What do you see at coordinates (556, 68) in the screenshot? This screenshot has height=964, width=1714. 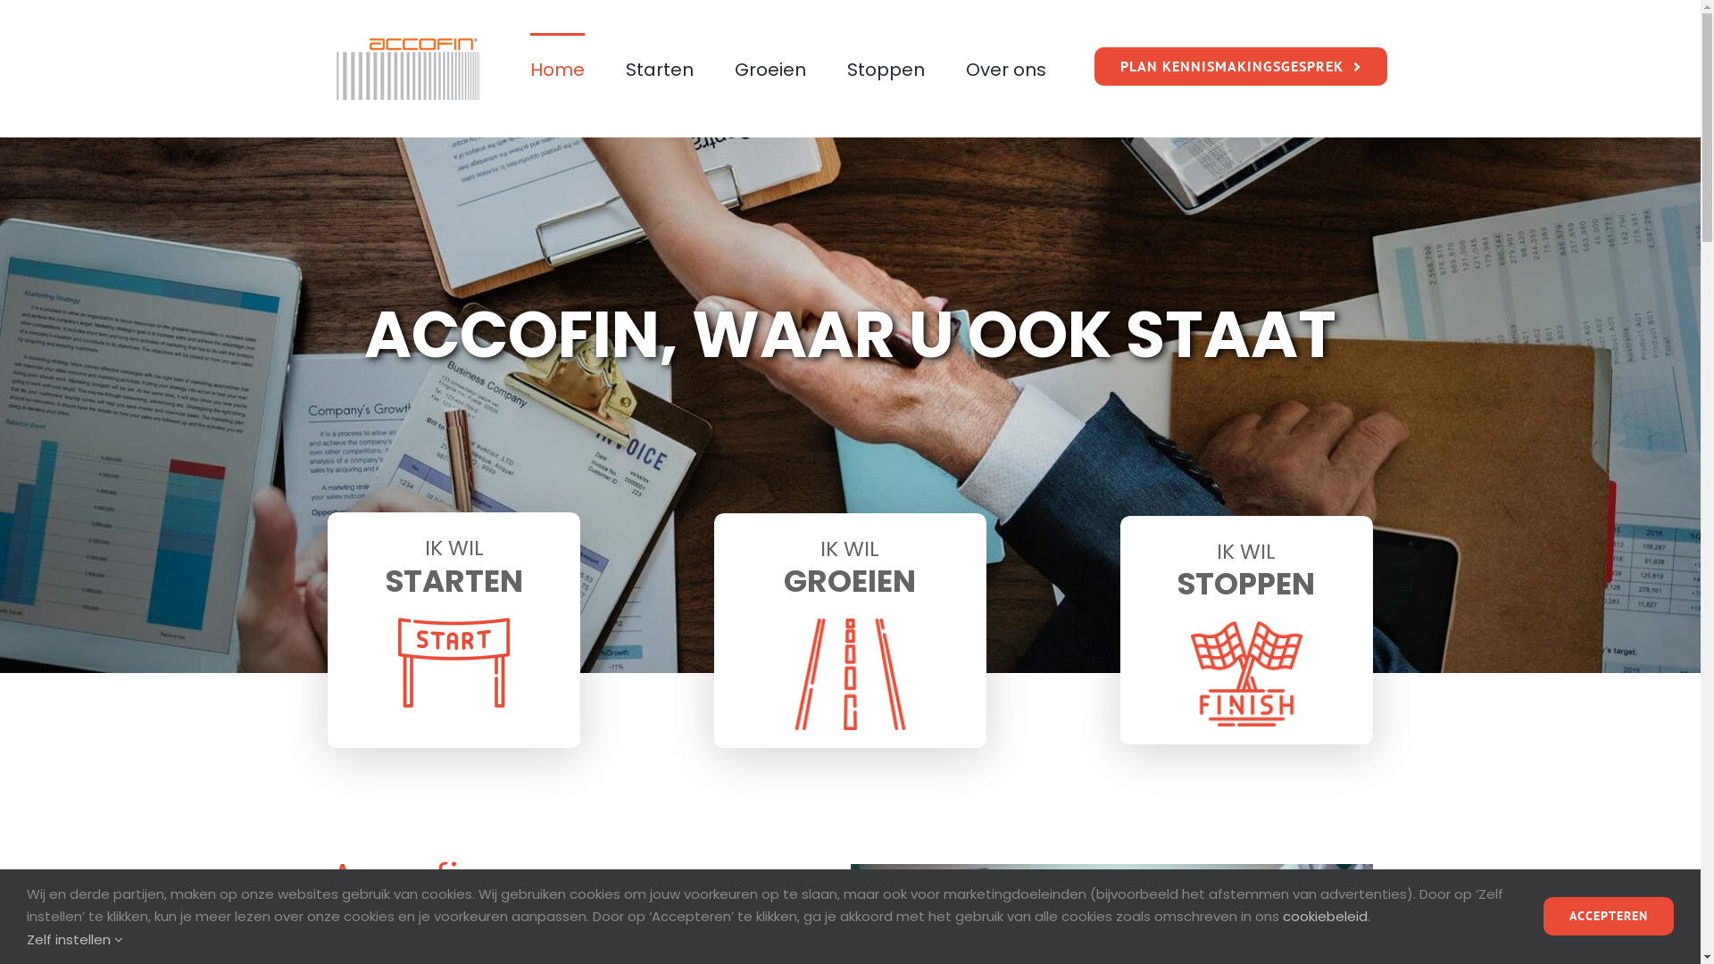 I see `'Home'` at bounding box center [556, 68].